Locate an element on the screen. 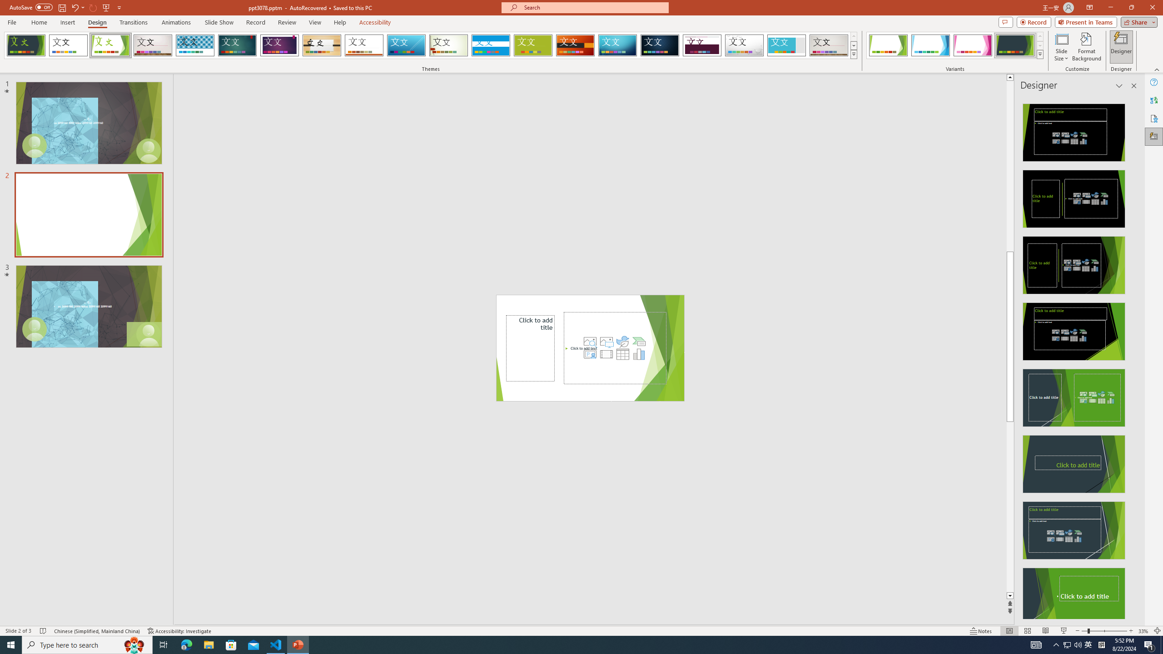  'Format Background' is located at coordinates (1087, 47).